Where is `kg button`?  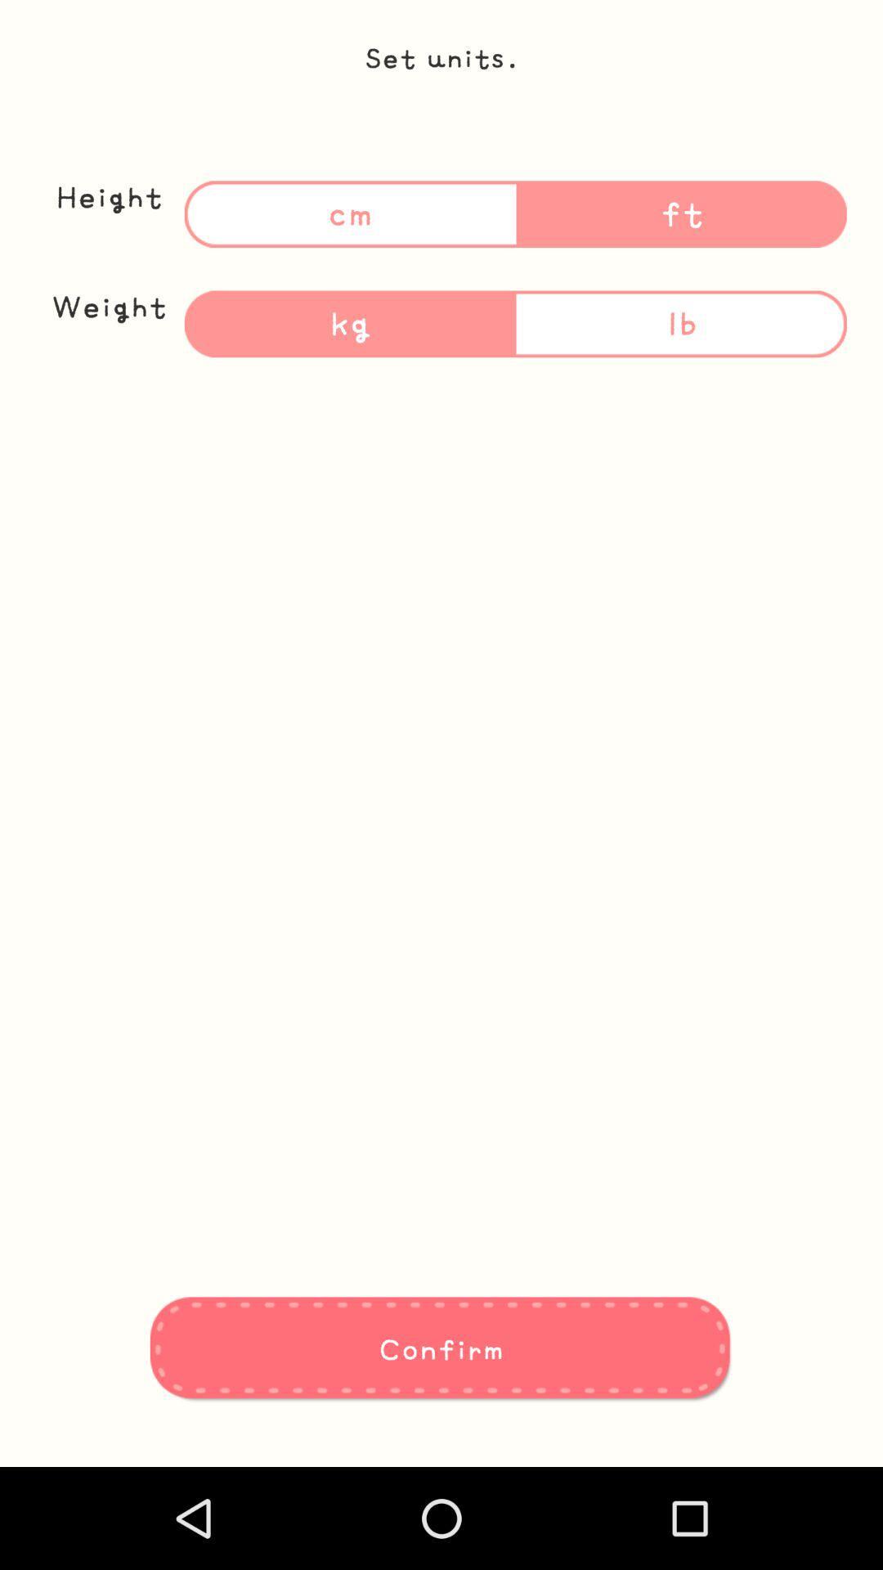 kg button is located at coordinates (349, 324).